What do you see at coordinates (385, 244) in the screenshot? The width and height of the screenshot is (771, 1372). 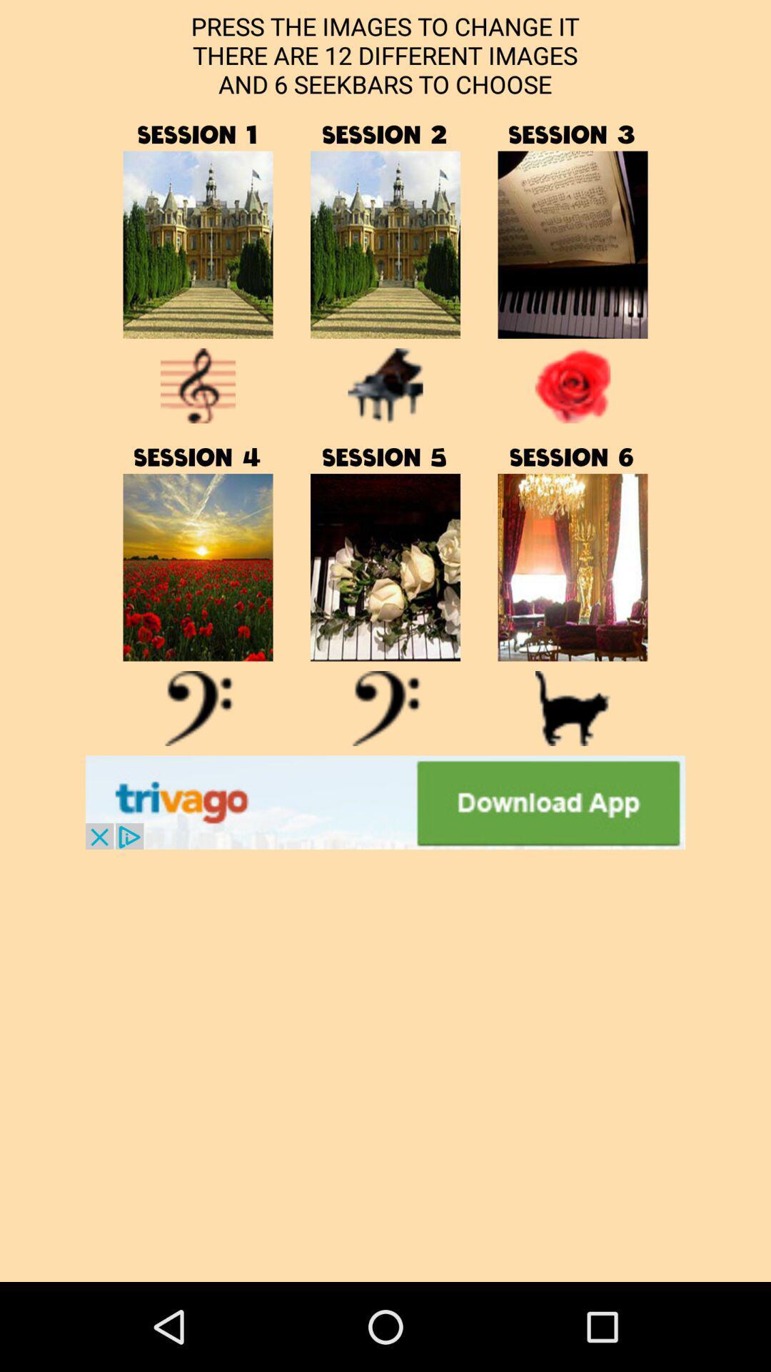 I see `the second image from the top` at bounding box center [385, 244].